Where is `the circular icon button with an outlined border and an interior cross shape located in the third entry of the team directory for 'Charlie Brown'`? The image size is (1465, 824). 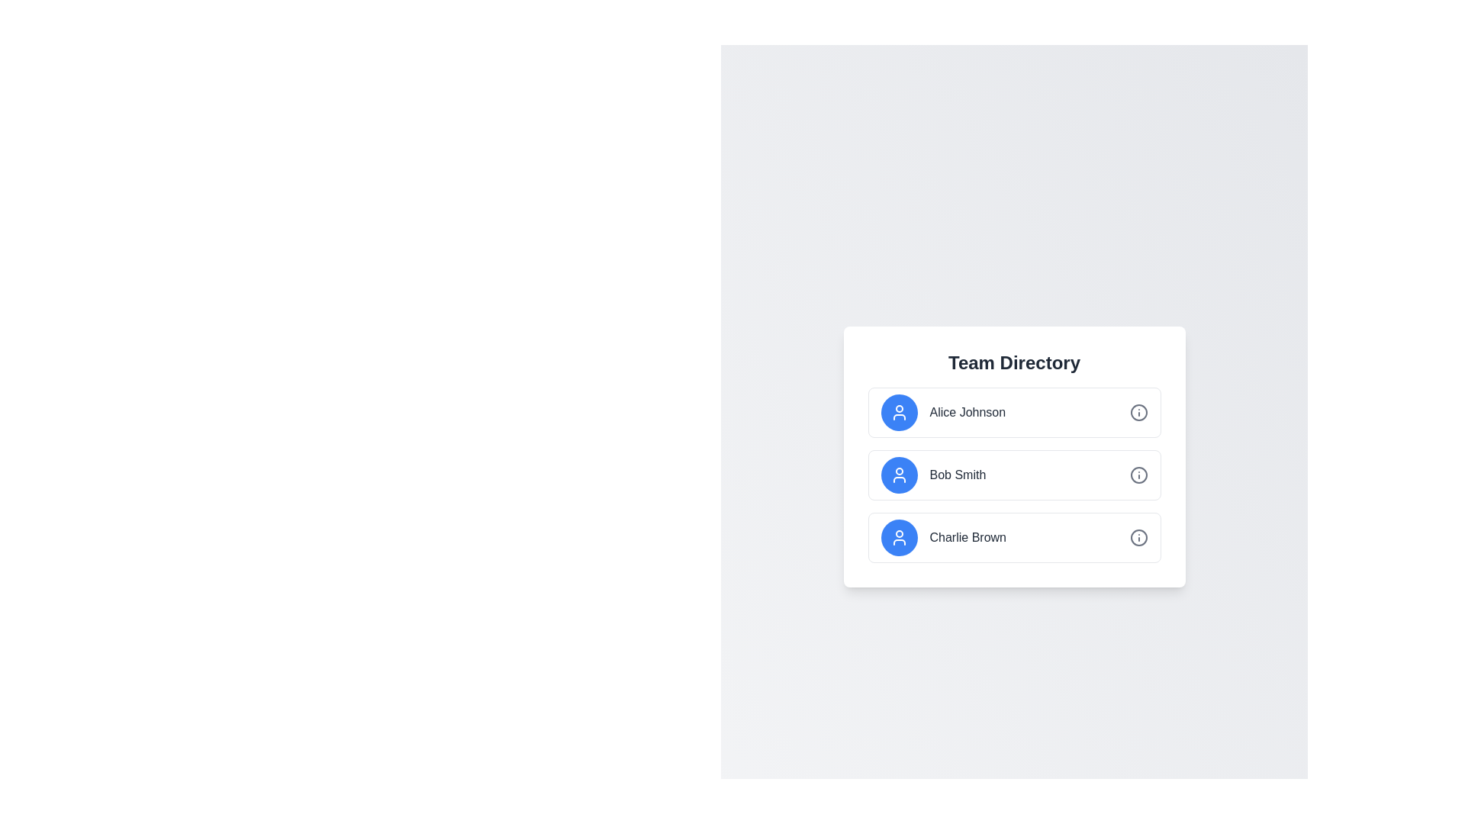
the circular icon button with an outlined border and an interior cross shape located in the third entry of the team directory for 'Charlie Brown' is located at coordinates (1138, 537).